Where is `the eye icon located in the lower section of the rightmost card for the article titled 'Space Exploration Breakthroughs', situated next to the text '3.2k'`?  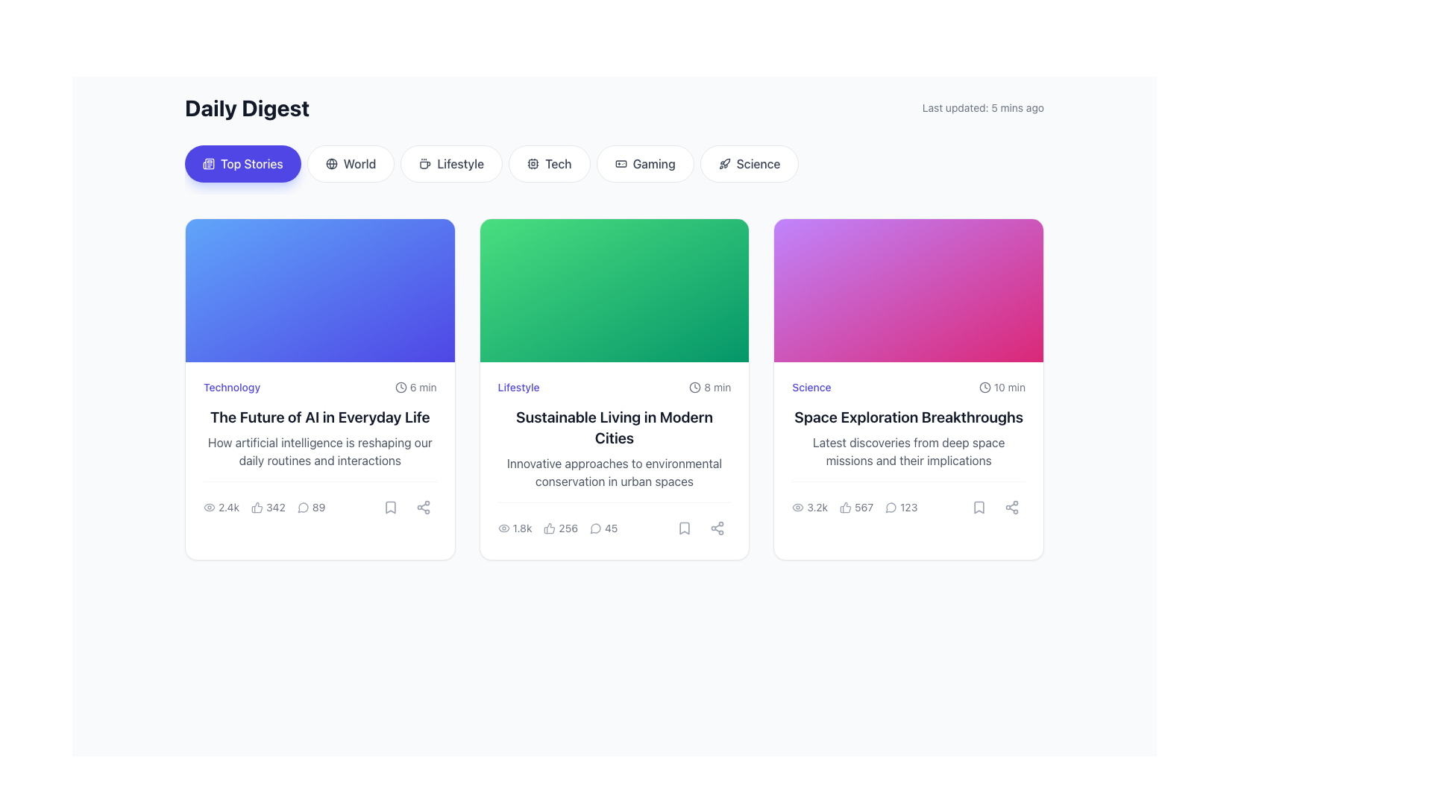
the eye icon located in the lower section of the rightmost card for the article titled 'Space Exploration Breakthroughs', situated next to the text '3.2k' is located at coordinates (797, 507).